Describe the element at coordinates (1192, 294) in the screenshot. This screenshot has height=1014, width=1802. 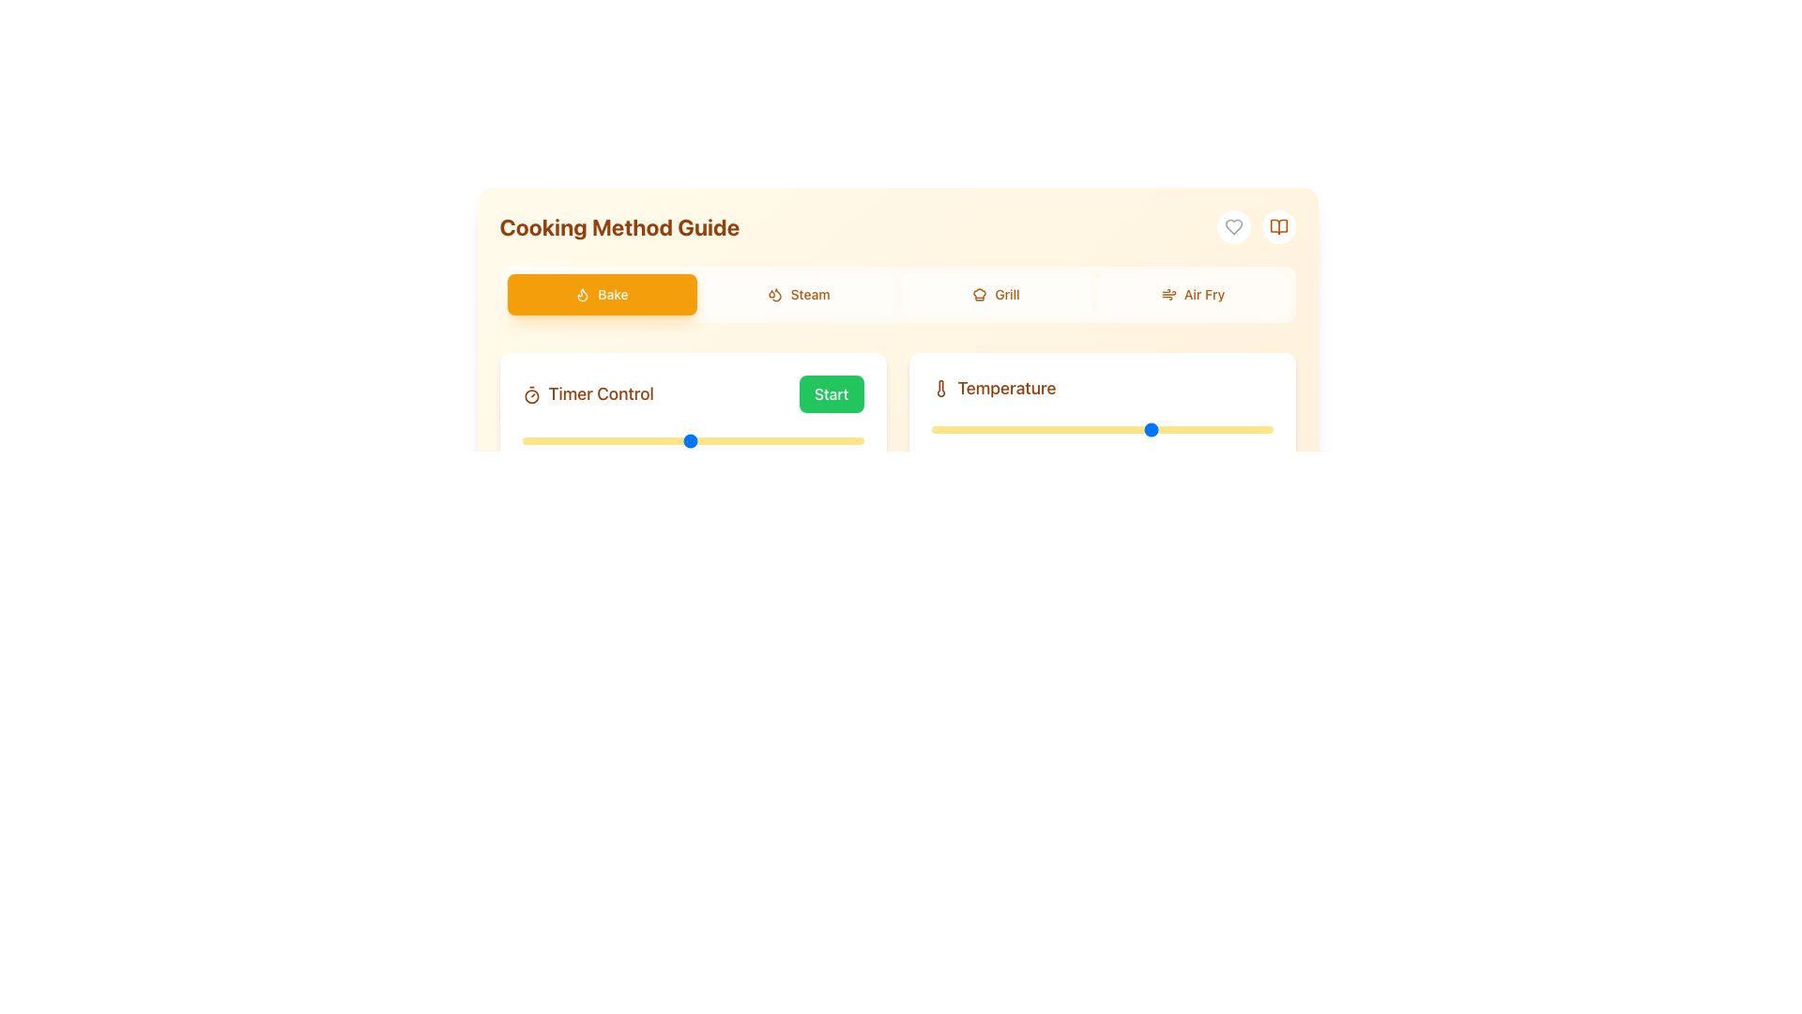
I see `the 'Air Fry' button, which is the fourth button in a row of cooking method buttons labeled 'Bake', 'Steam', 'Grill', and 'Air Fry'` at that location.